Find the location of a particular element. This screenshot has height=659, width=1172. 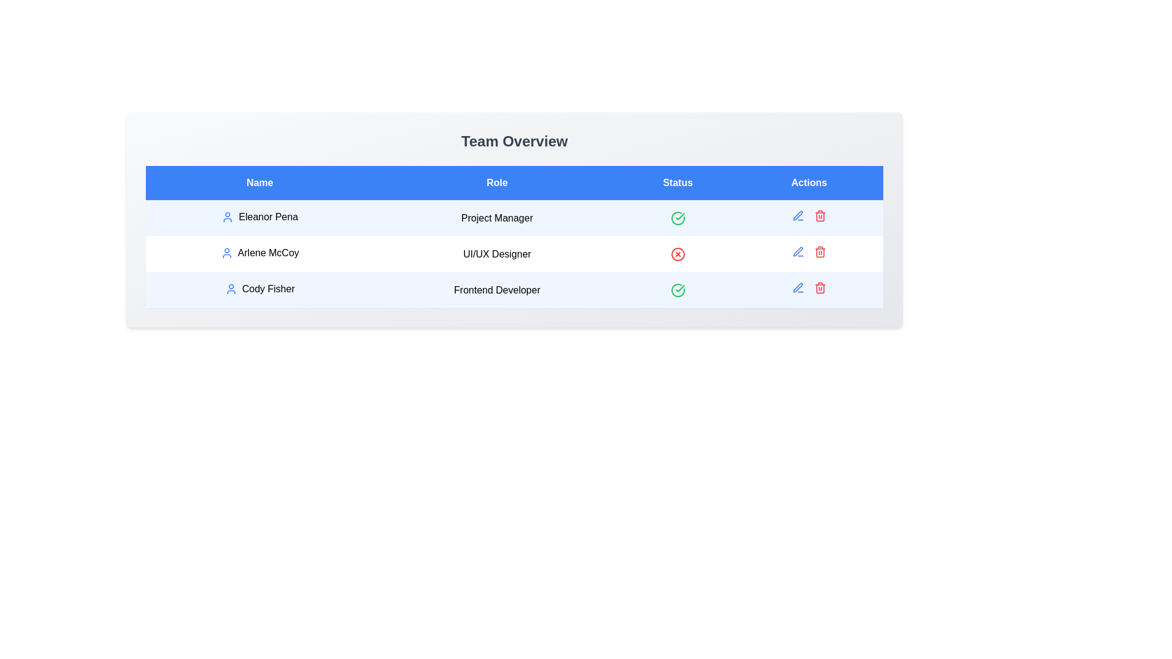

the Text label that serves as the header for a table column, indicating the roles of individuals, positioned between the 'Name' and 'Status' headers is located at coordinates (497, 183).